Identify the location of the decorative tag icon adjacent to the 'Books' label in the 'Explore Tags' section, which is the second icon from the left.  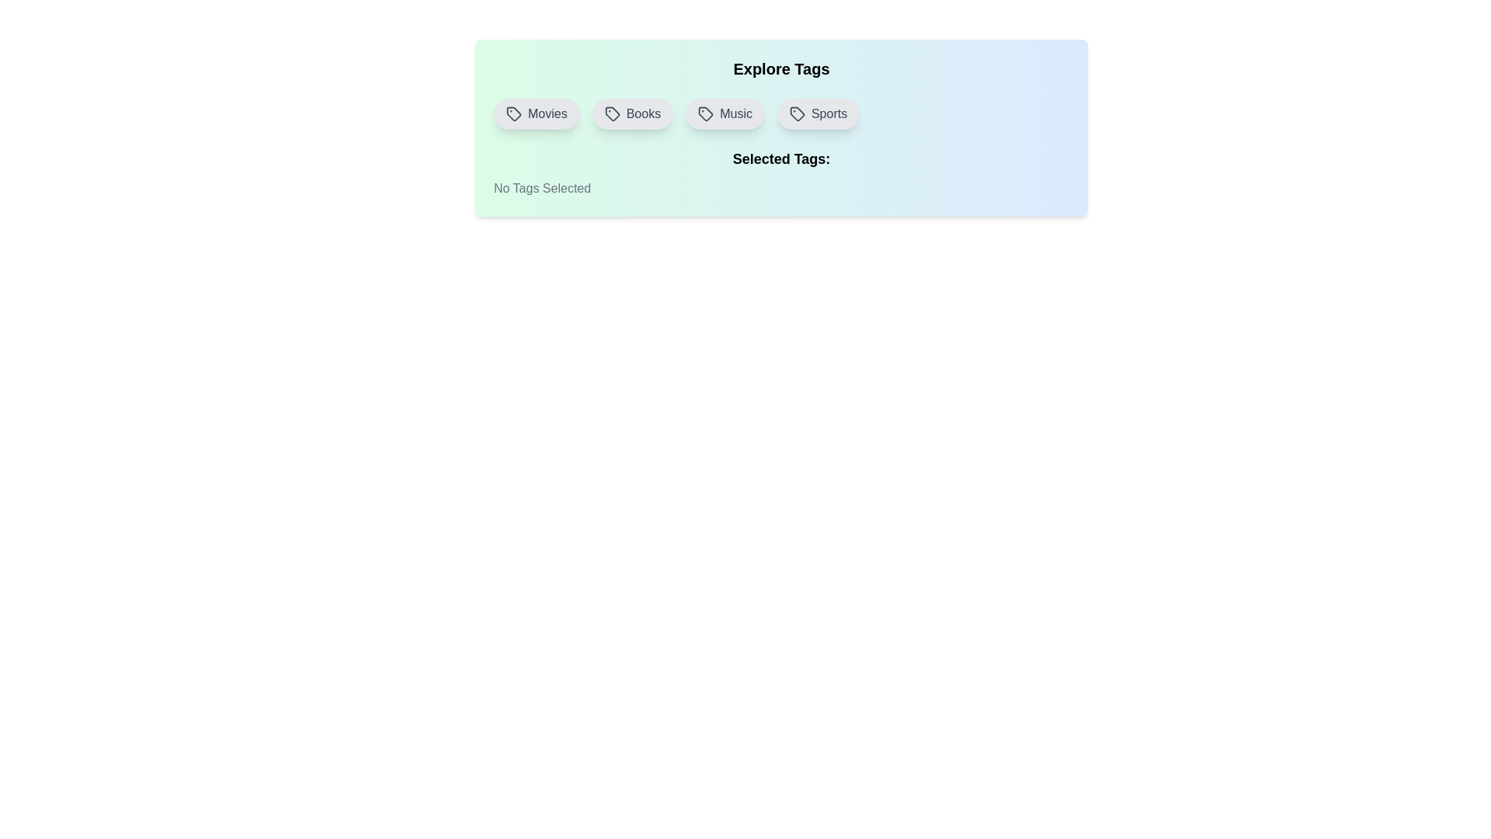
(611, 113).